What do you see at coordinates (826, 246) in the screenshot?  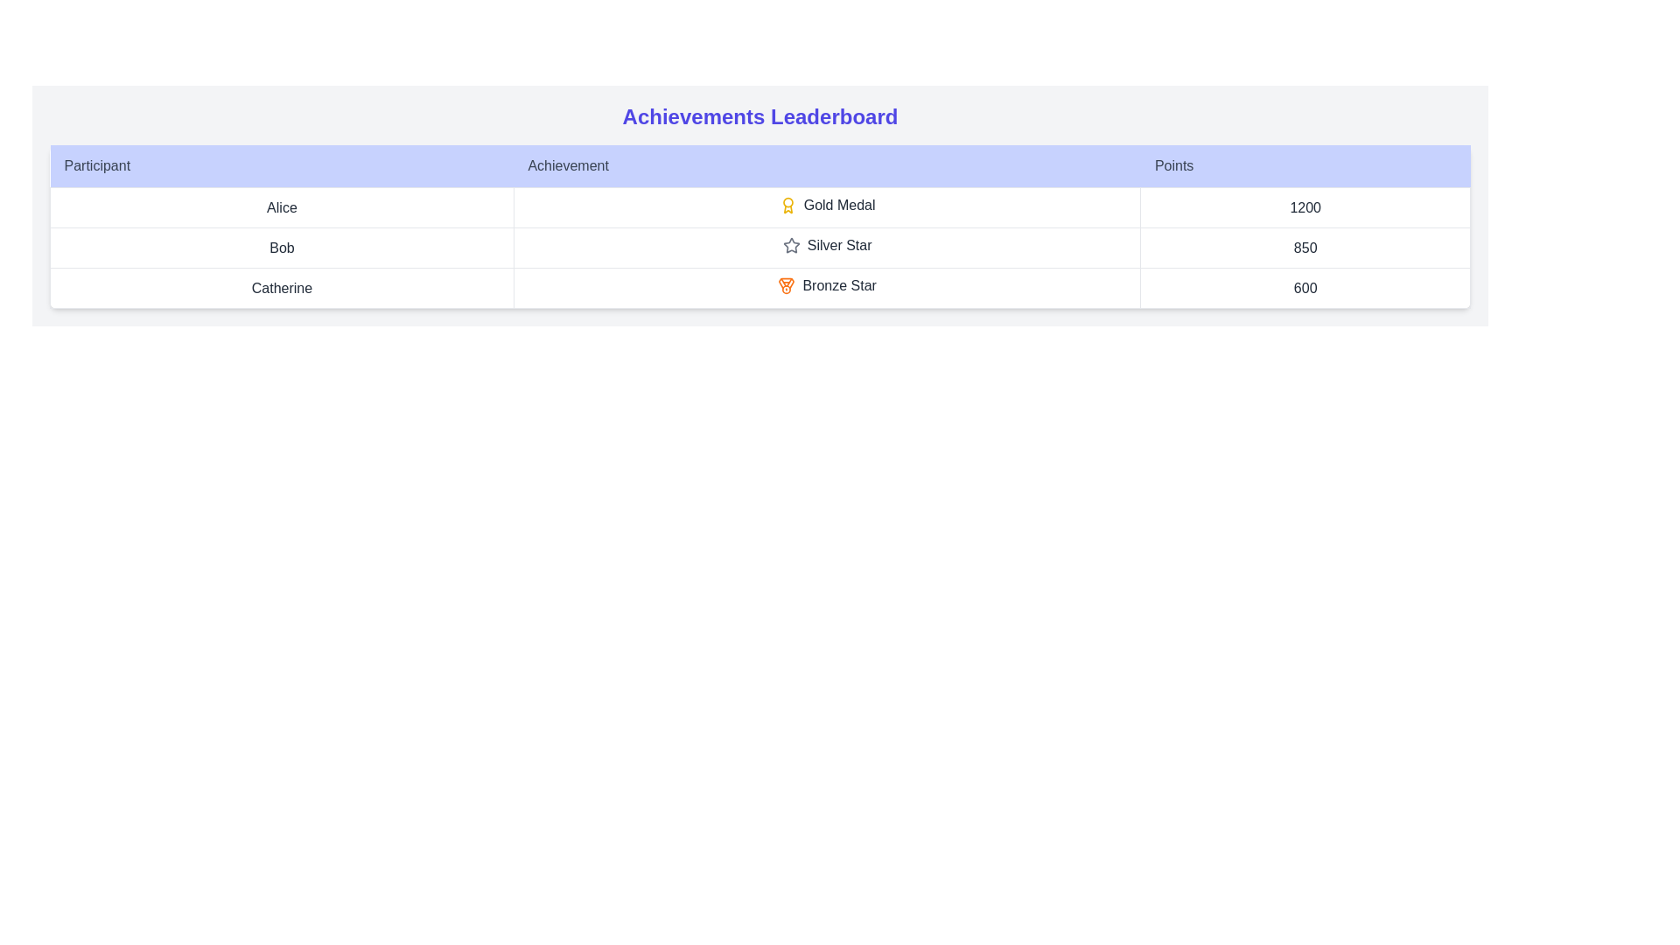 I see `the outlined star icon with the text 'Silver Star' located in the second row under the 'Achievement' column of the leaderboard table` at bounding box center [826, 246].